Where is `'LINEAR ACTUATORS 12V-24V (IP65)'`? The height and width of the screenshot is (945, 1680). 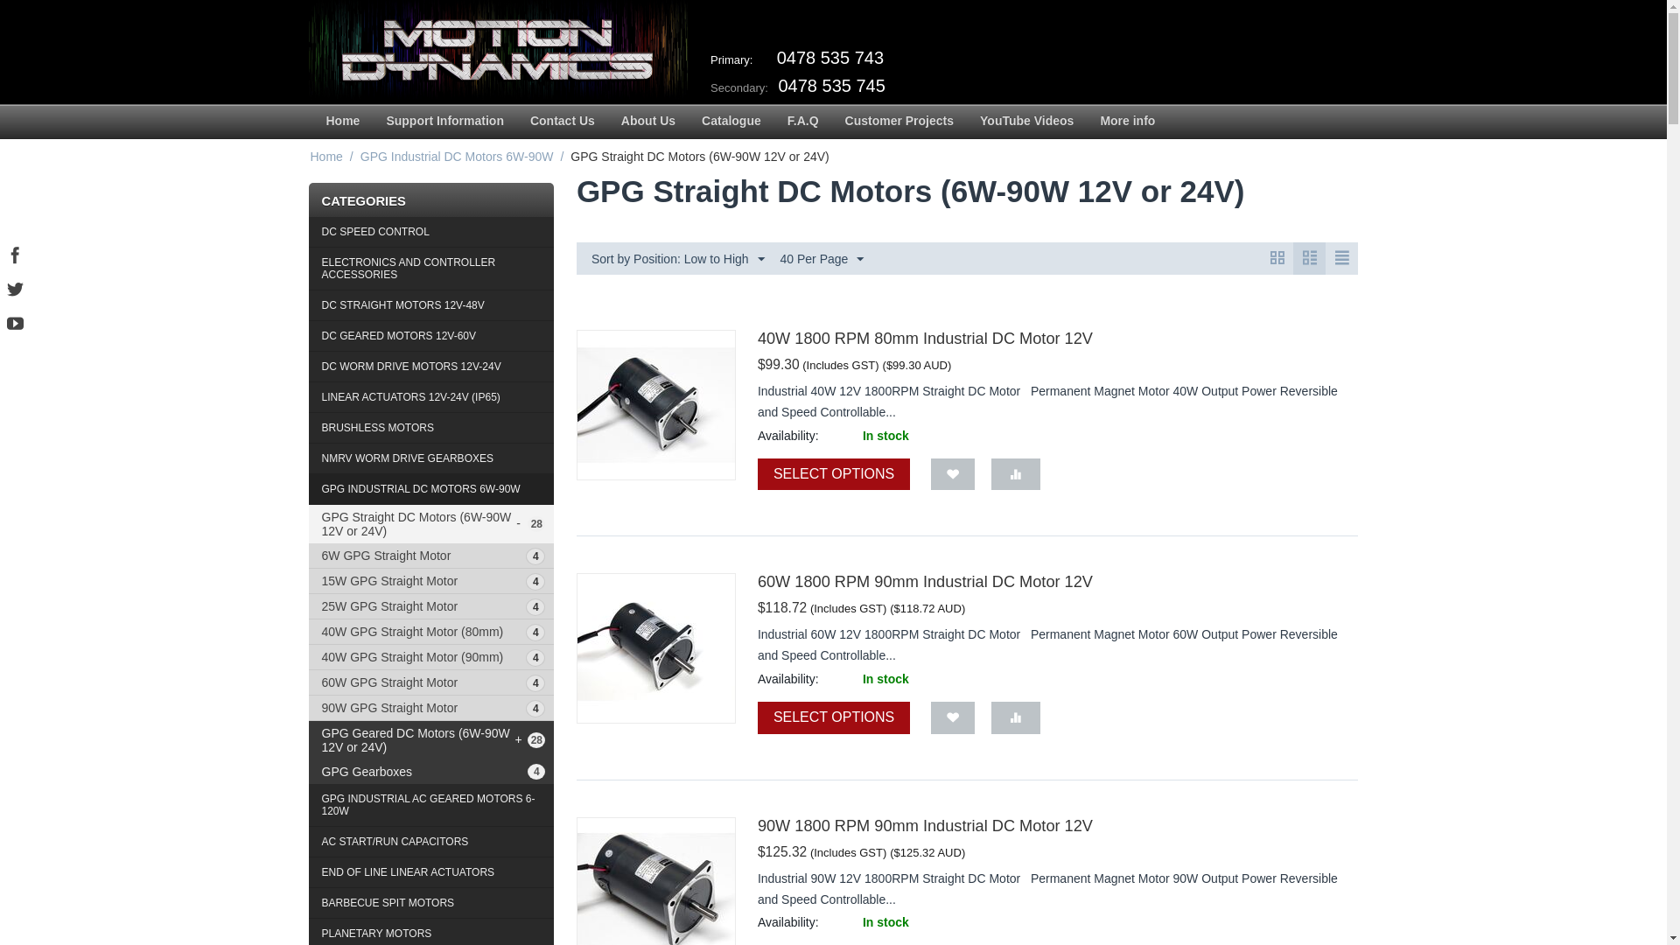
'LINEAR ACTUATORS 12V-24V (IP65)' is located at coordinates (430, 397).